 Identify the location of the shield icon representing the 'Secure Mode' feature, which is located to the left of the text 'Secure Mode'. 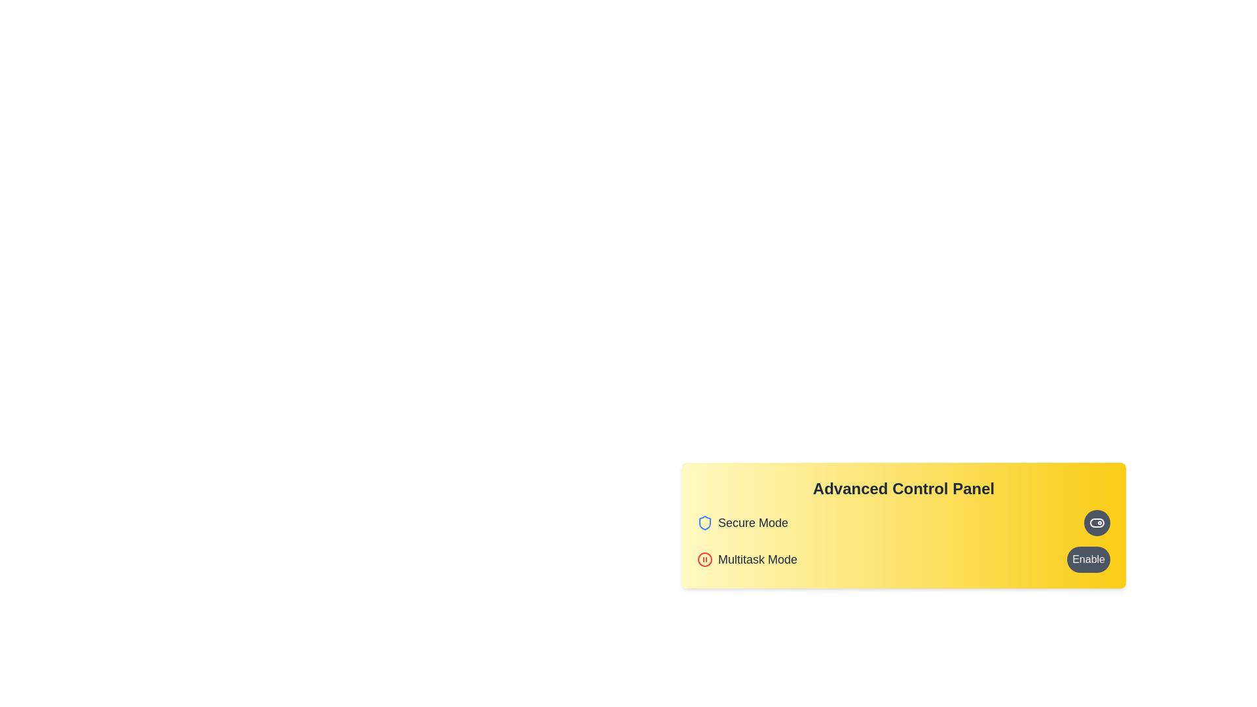
(704, 522).